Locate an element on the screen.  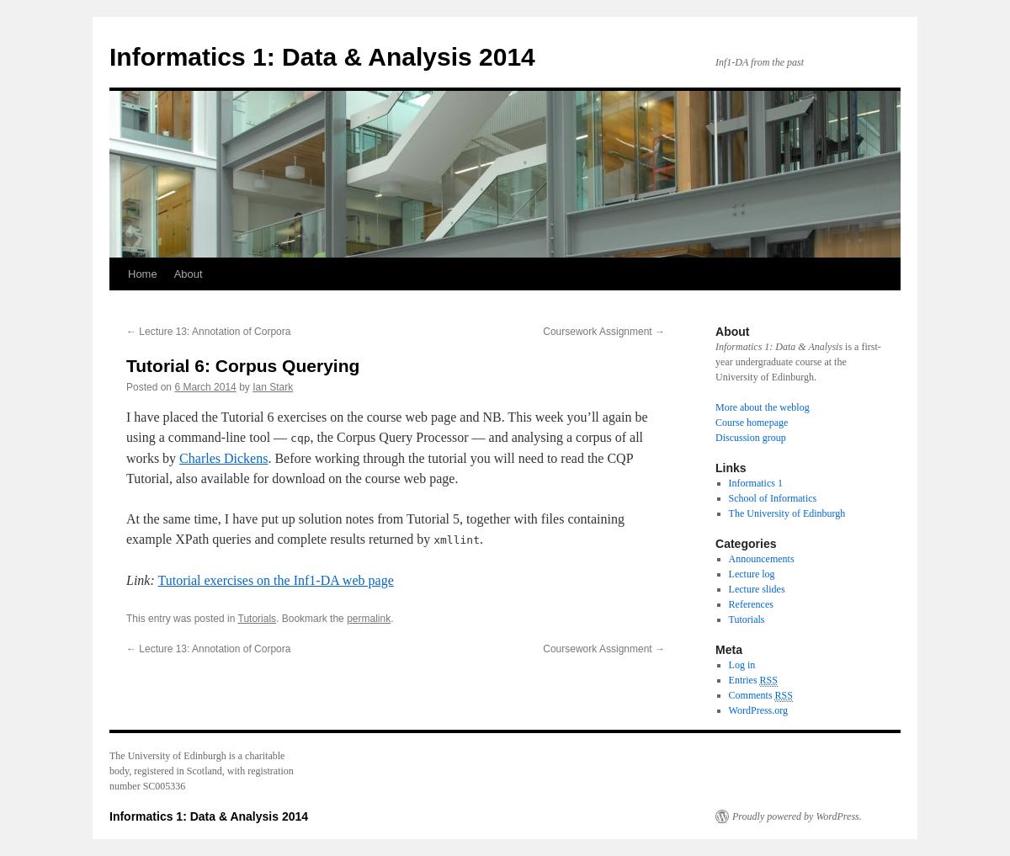
'Informatics 1' is located at coordinates (754, 481).